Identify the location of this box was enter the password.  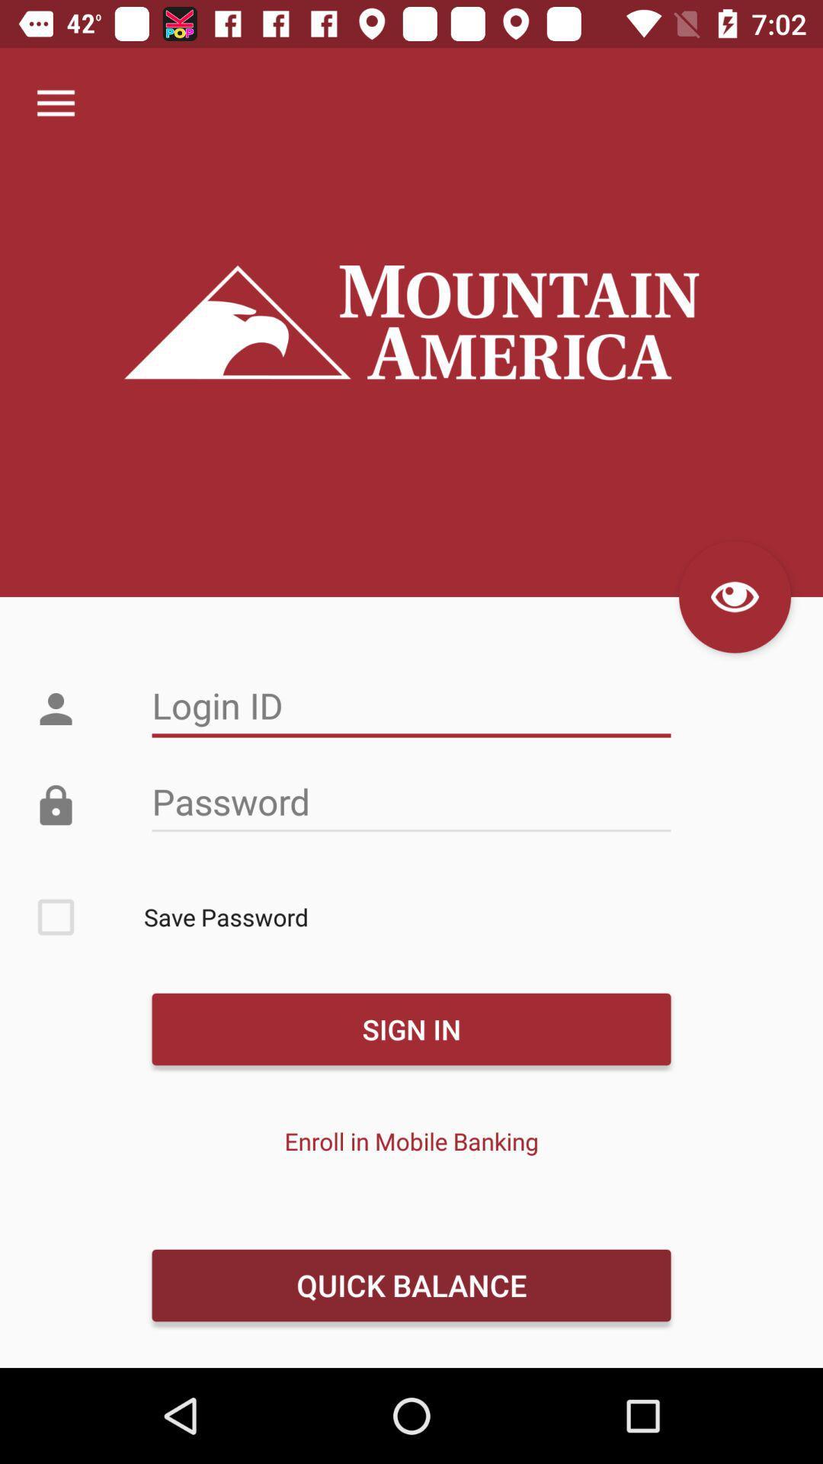
(411, 801).